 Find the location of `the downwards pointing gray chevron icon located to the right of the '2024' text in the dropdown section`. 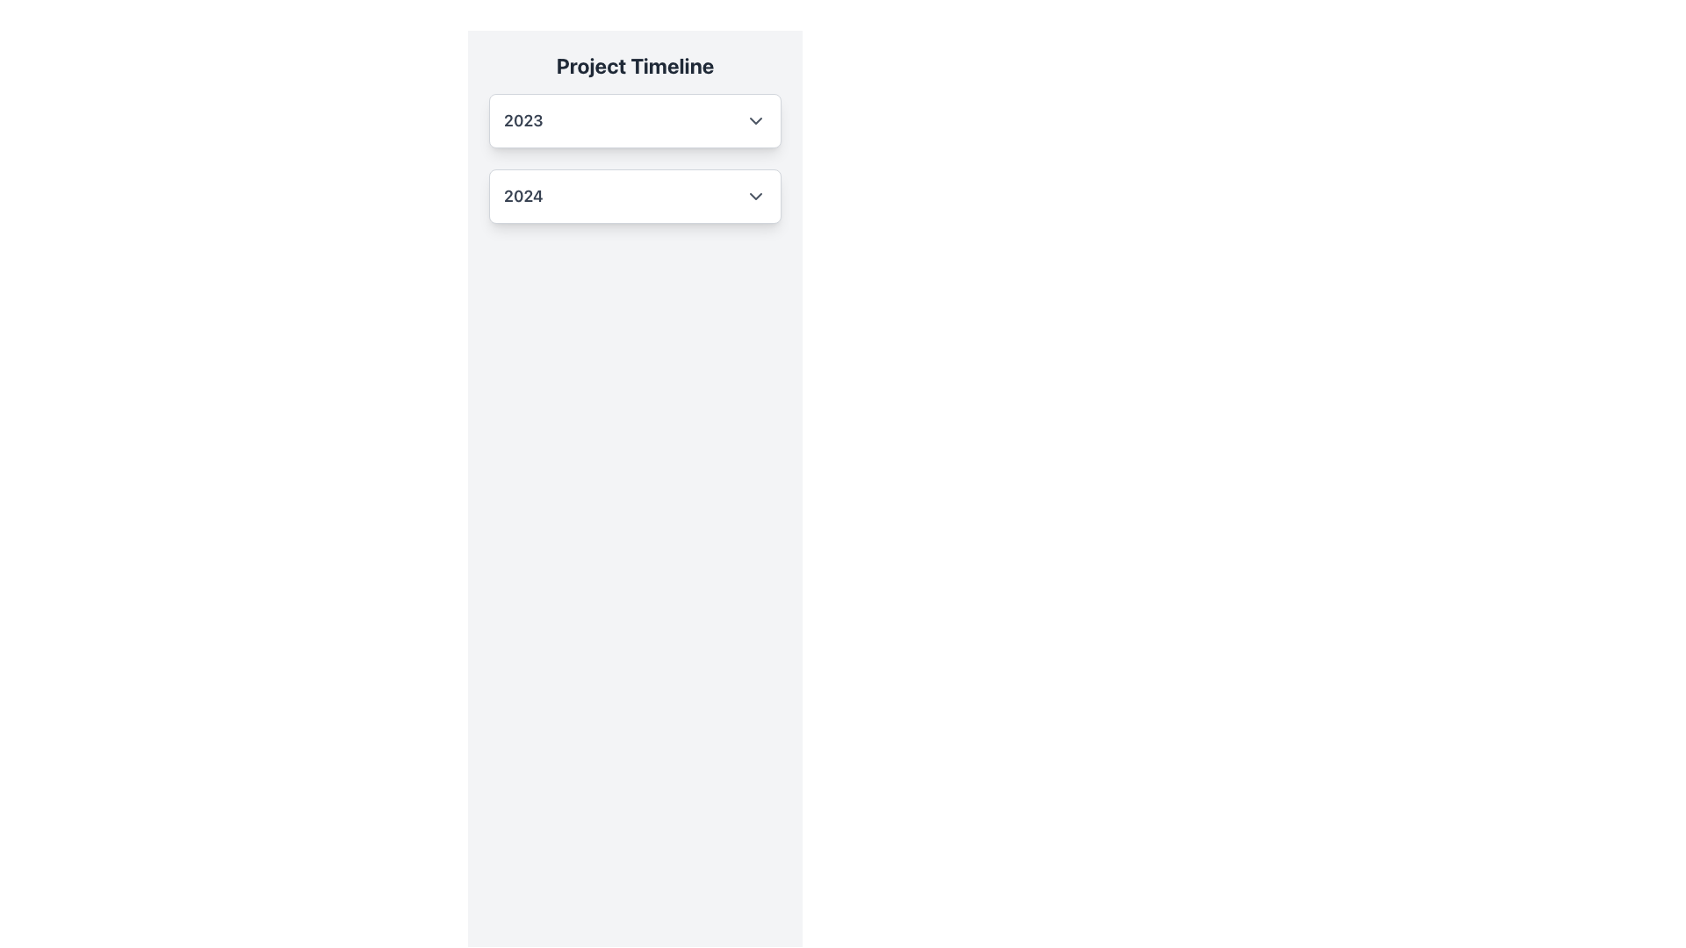

the downwards pointing gray chevron icon located to the right of the '2024' text in the dropdown section is located at coordinates (755, 196).